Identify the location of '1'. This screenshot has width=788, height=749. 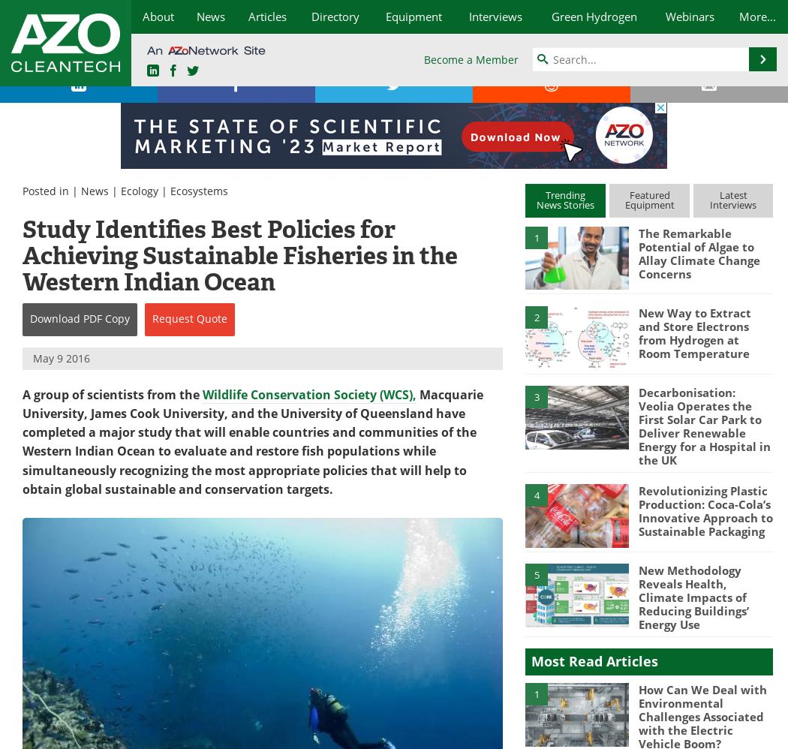
(533, 694).